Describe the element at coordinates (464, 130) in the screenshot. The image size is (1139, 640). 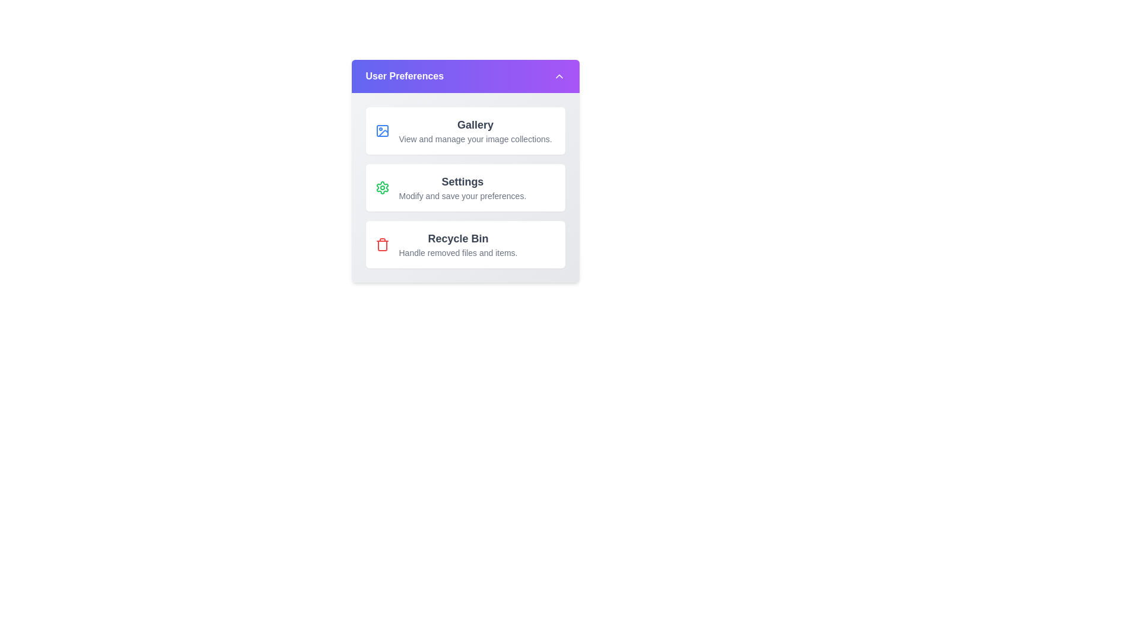
I see `the preference item 'Gallery'` at that location.